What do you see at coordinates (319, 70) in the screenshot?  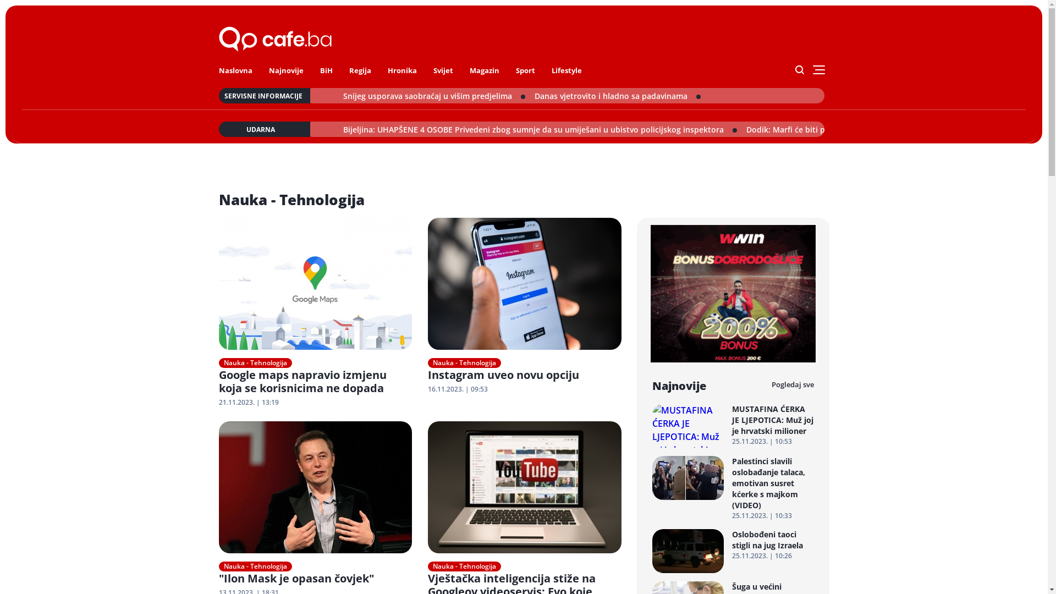 I see `'BiH'` at bounding box center [319, 70].